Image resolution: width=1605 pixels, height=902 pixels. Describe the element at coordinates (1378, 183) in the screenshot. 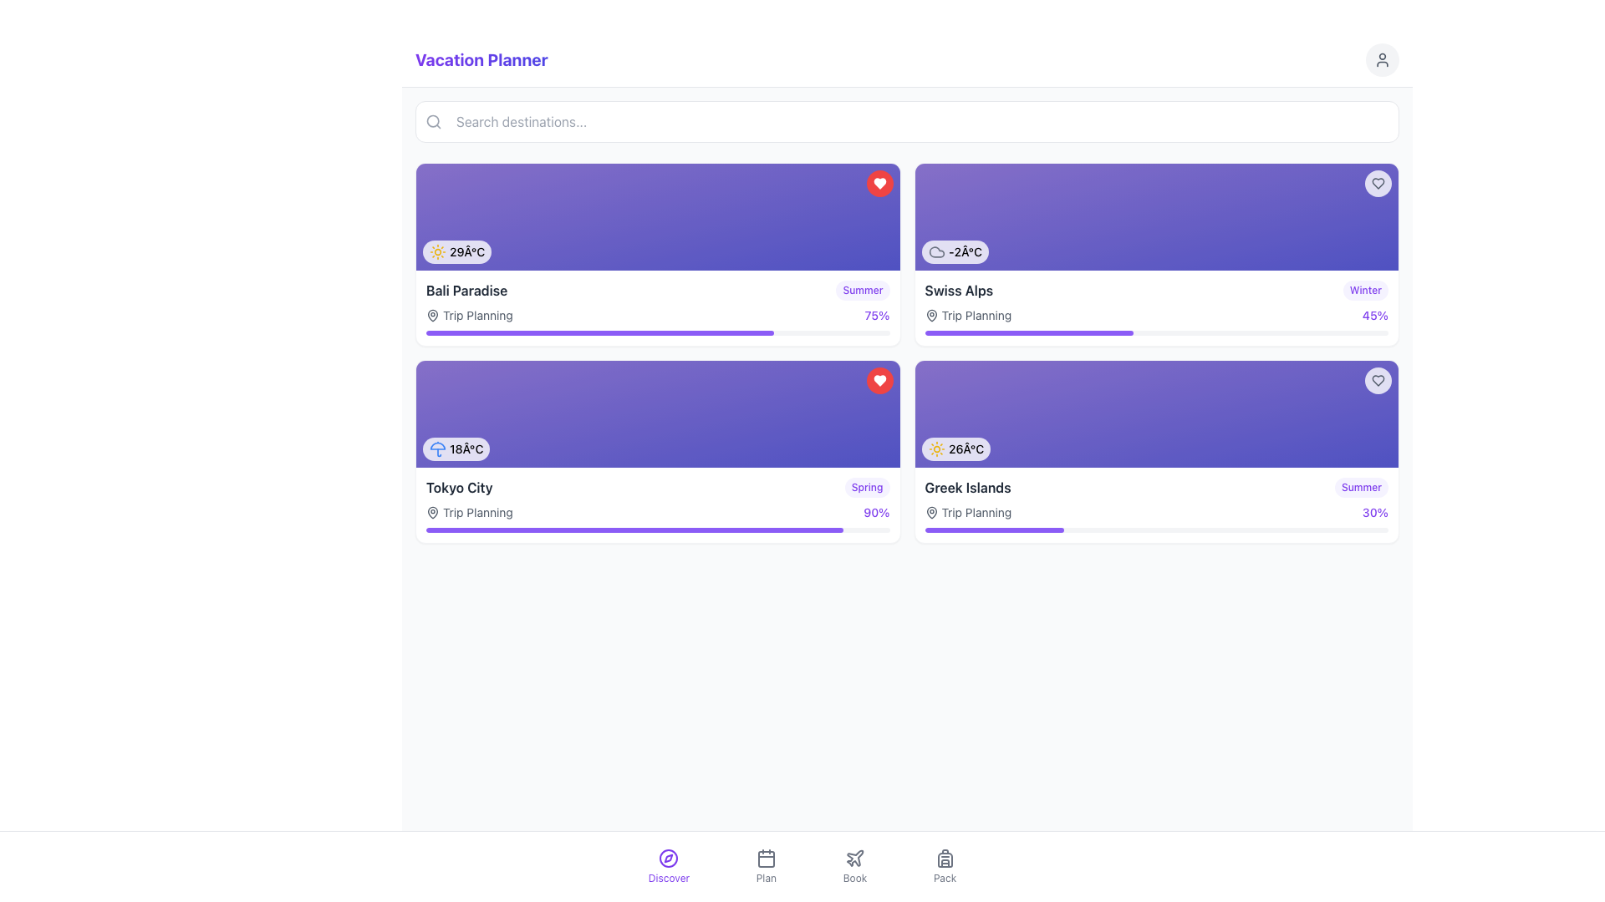

I see `the heart-shaped icon in the top-right corner of the 'Swiss Alps' card` at that location.